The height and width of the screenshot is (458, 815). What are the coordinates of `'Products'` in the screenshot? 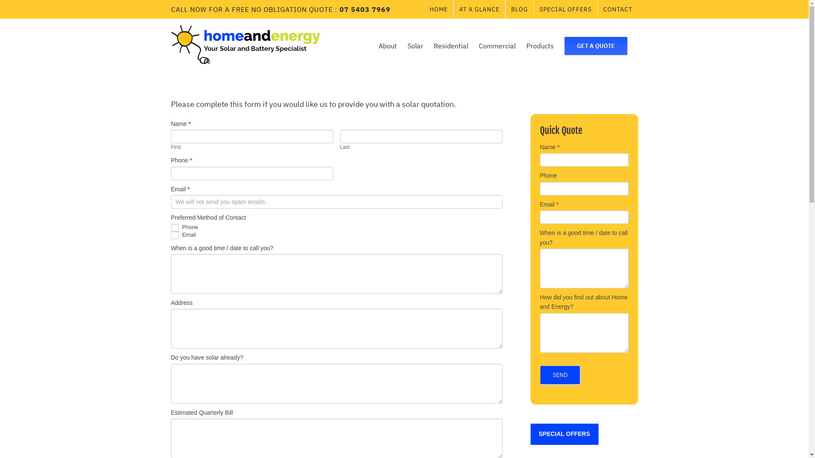 It's located at (526, 46).